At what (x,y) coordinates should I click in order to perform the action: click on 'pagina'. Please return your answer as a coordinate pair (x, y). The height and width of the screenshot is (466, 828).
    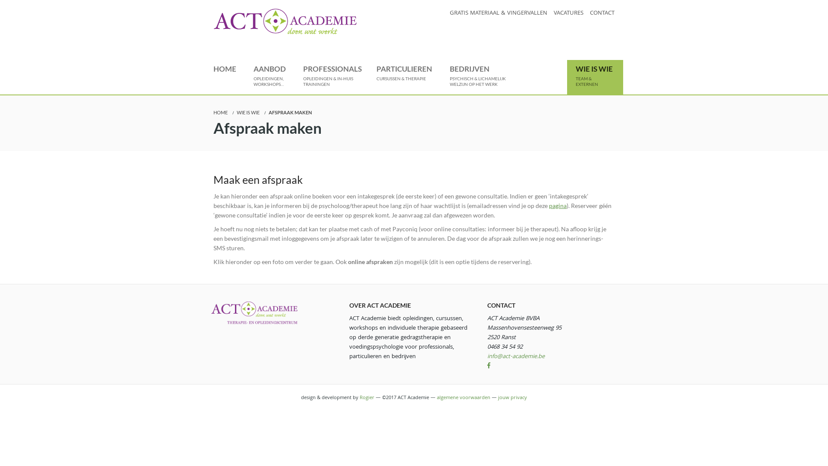
    Looking at the image, I should click on (558, 205).